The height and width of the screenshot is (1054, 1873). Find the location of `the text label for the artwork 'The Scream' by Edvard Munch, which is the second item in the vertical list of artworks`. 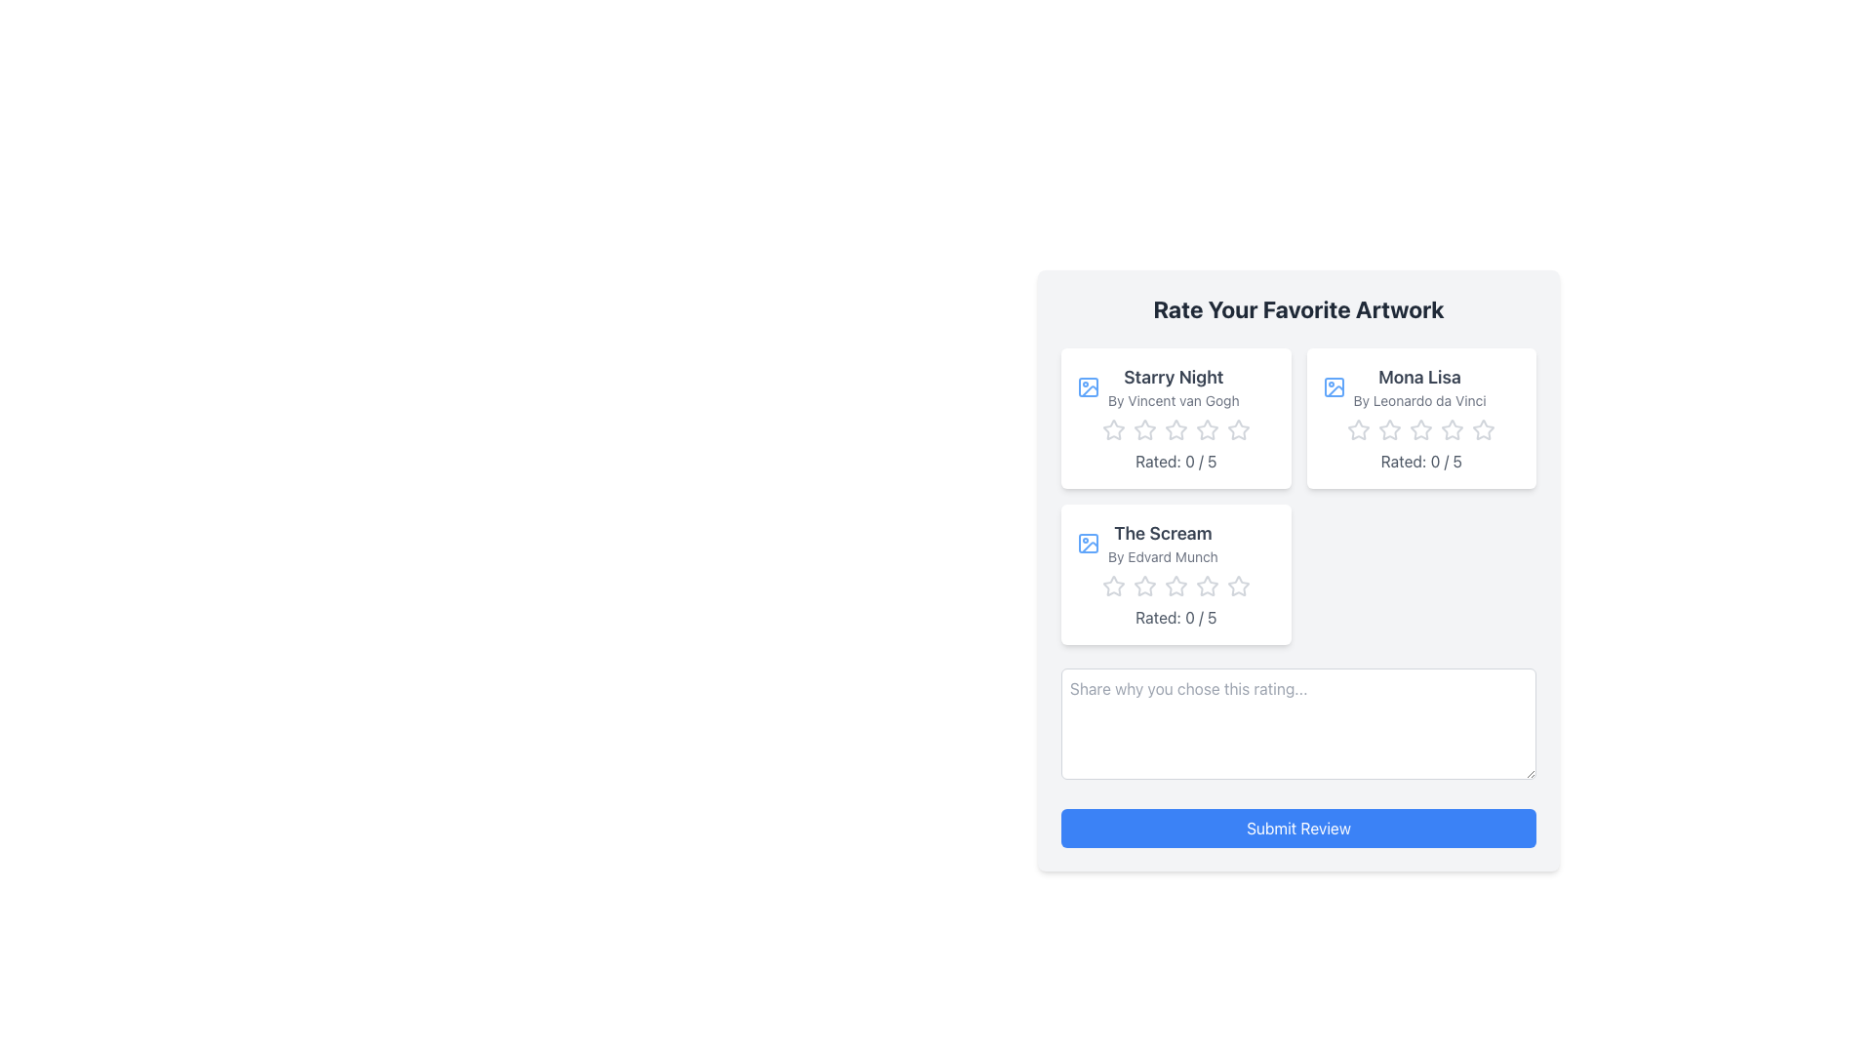

the text label for the artwork 'The Scream' by Edvard Munch, which is the second item in the vertical list of artworks is located at coordinates (1175, 543).